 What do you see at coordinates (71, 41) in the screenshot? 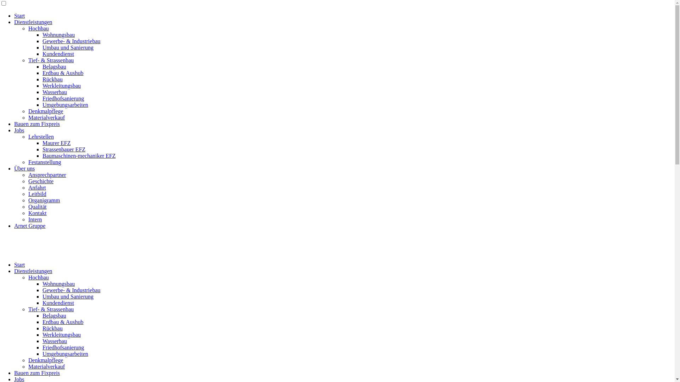
I see `'Gewerbe- & Industriebau'` at bounding box center [71, 41].